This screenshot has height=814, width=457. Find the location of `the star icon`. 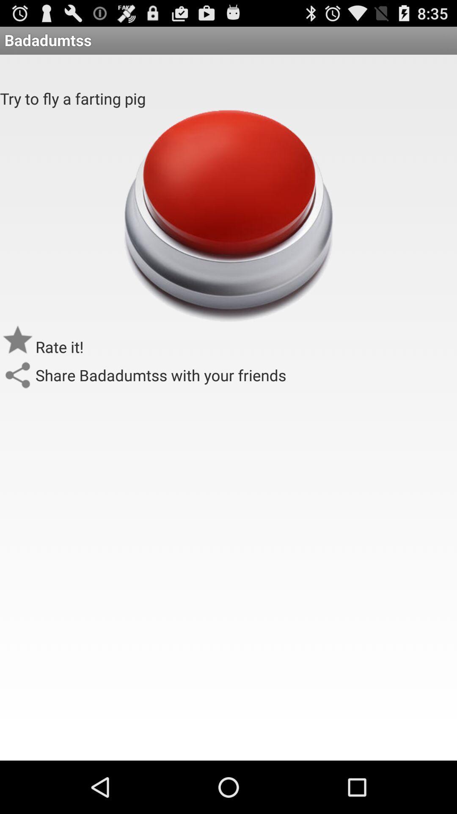

the star icon is located at coordinates (18, 363).